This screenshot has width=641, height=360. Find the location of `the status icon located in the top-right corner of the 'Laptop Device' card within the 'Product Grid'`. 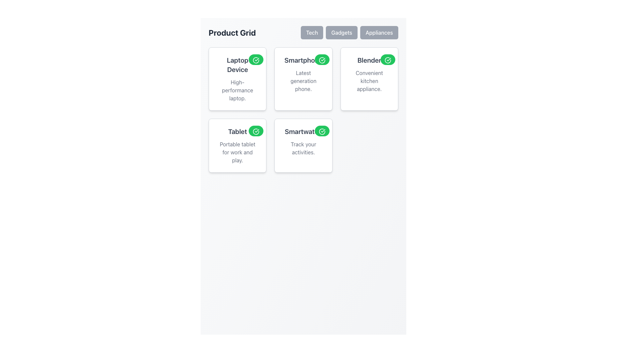

the status icon located in the top-right corner of the 'Laptop Device' card within the 'Product Grid' is located at coordinates (256, 60).